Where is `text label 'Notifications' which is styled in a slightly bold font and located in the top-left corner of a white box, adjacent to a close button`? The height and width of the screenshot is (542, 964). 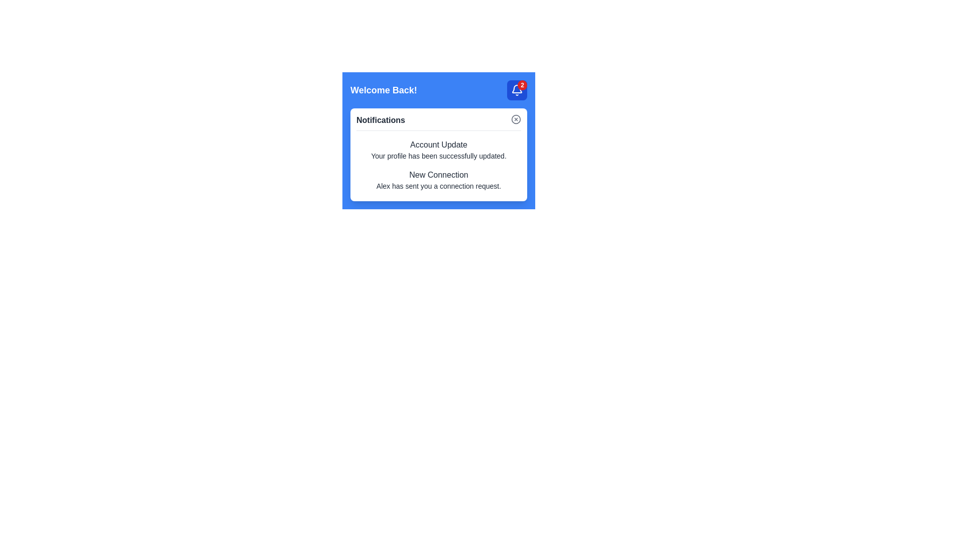 text label 'Notifications' which is styled in a slightly bold font and located in the top-left corner of a white box, adjacent to a close button is located at coordinates (380, 119).